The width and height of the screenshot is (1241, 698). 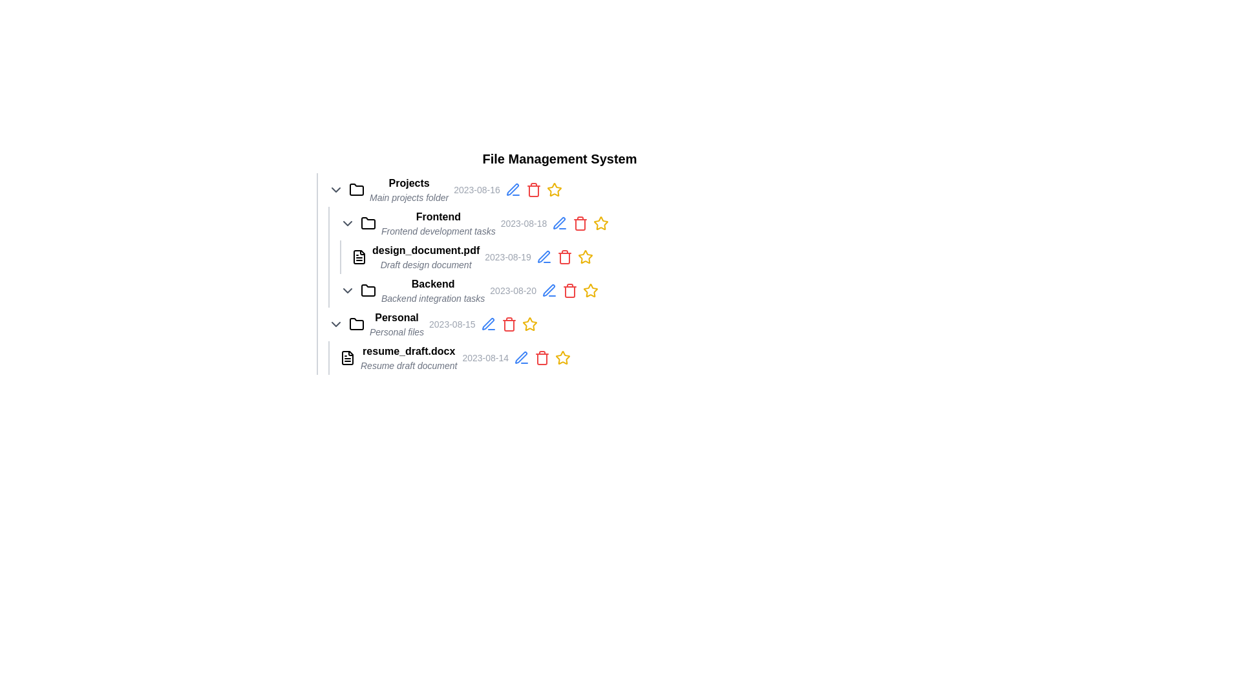 I want to click on the 'Backend' folder icon in the file management system interface, which visually indicates its position in the 'Projects' section, so click(x=368, y=289).